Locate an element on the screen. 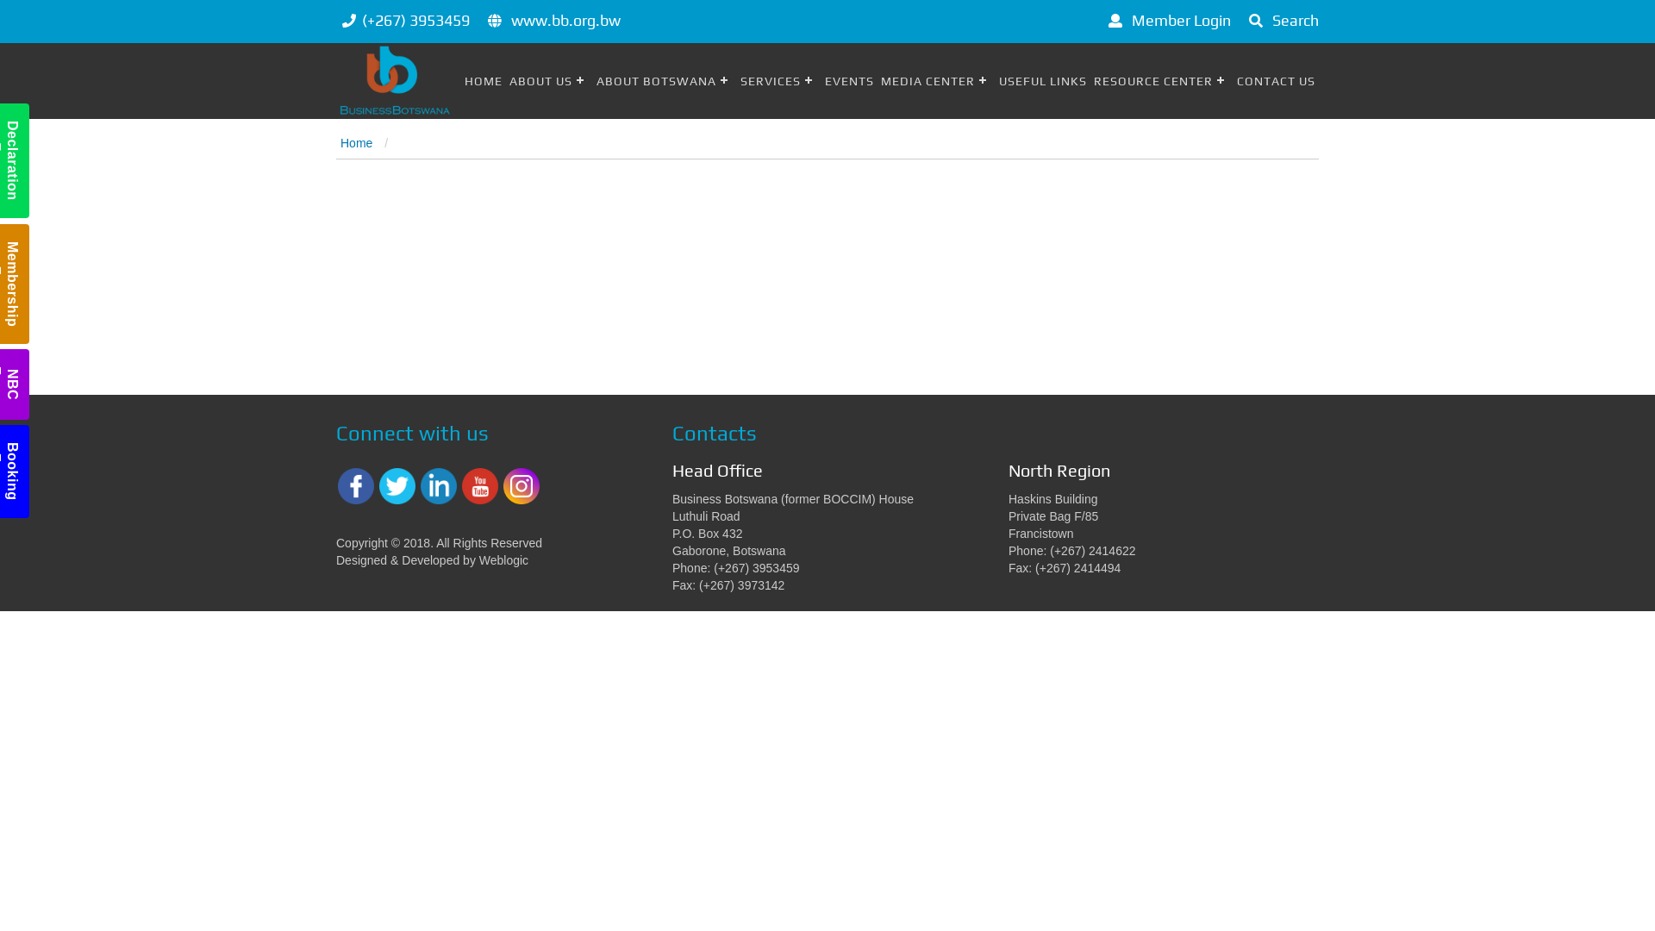  'MEDIA CENTER' is located at coordinates (935, 80).